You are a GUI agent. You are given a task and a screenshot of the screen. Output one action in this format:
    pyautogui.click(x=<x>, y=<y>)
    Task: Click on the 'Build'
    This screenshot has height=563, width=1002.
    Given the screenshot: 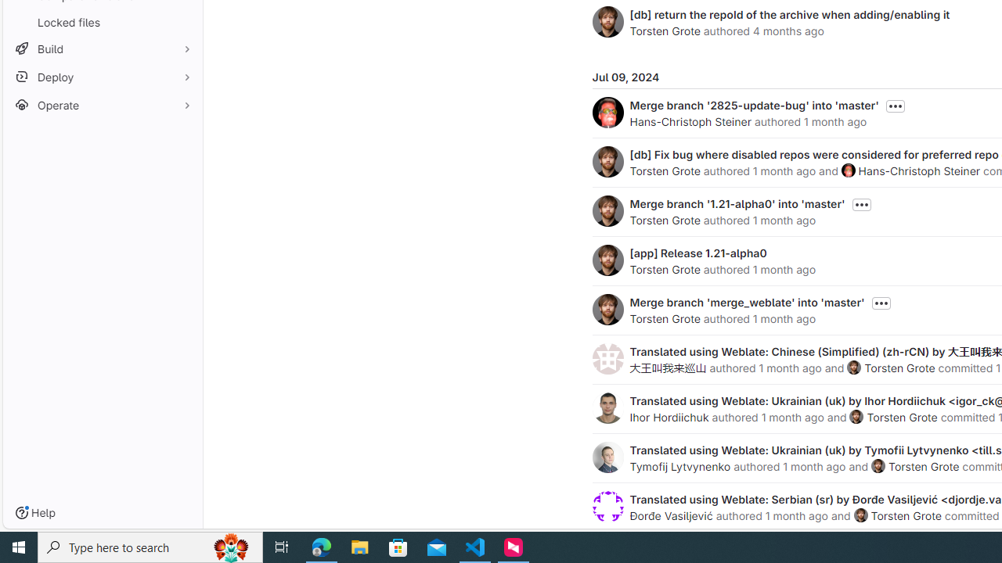 What is the action you would take?
    pyautogui.click(x=102, y=48)
    